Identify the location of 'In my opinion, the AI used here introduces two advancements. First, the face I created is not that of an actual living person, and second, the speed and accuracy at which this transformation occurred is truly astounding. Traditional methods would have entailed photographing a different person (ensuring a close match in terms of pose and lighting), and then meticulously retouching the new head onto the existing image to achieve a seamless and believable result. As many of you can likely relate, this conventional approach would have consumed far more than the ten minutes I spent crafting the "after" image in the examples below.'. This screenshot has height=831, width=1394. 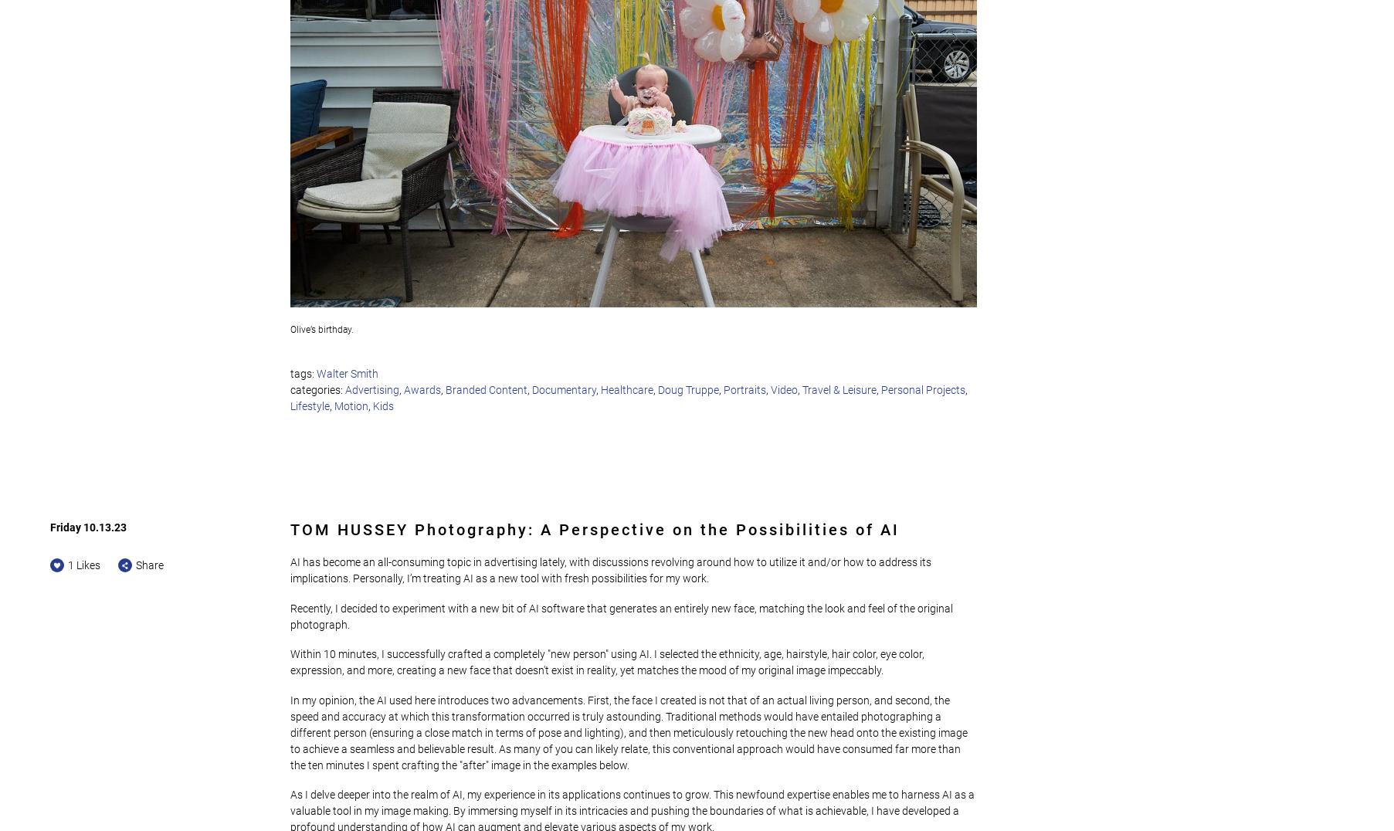
(630, 731).